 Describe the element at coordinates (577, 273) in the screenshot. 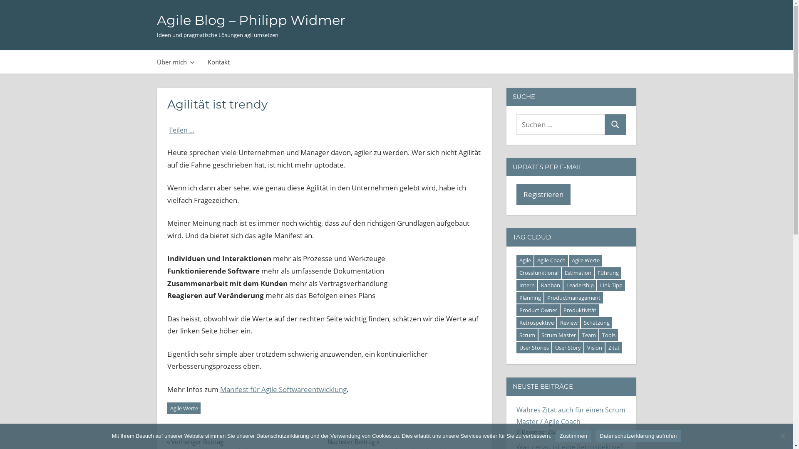

I see `'Estimation'` at that location.